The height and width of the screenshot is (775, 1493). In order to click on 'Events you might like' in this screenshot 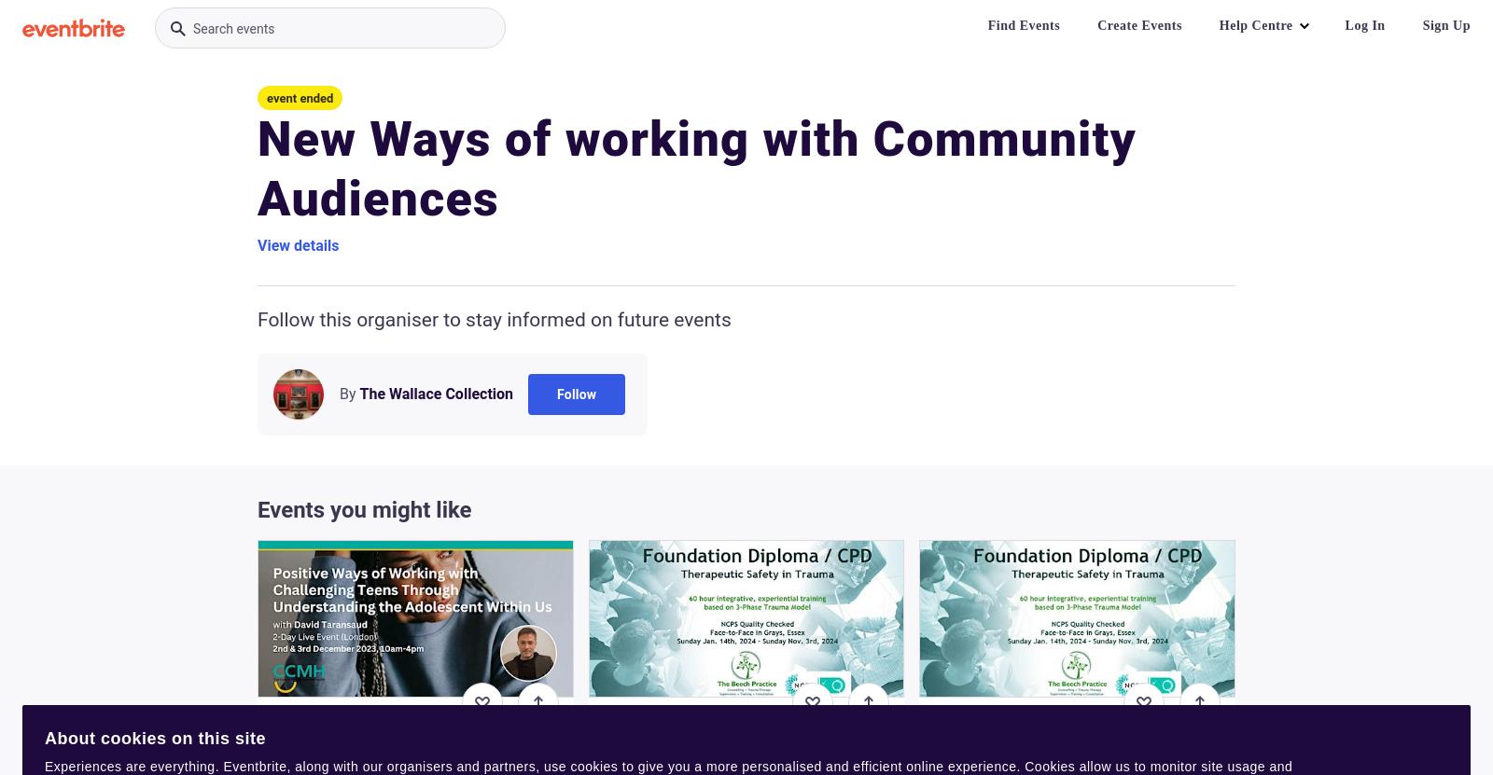, I will do `click(258, 508)`.